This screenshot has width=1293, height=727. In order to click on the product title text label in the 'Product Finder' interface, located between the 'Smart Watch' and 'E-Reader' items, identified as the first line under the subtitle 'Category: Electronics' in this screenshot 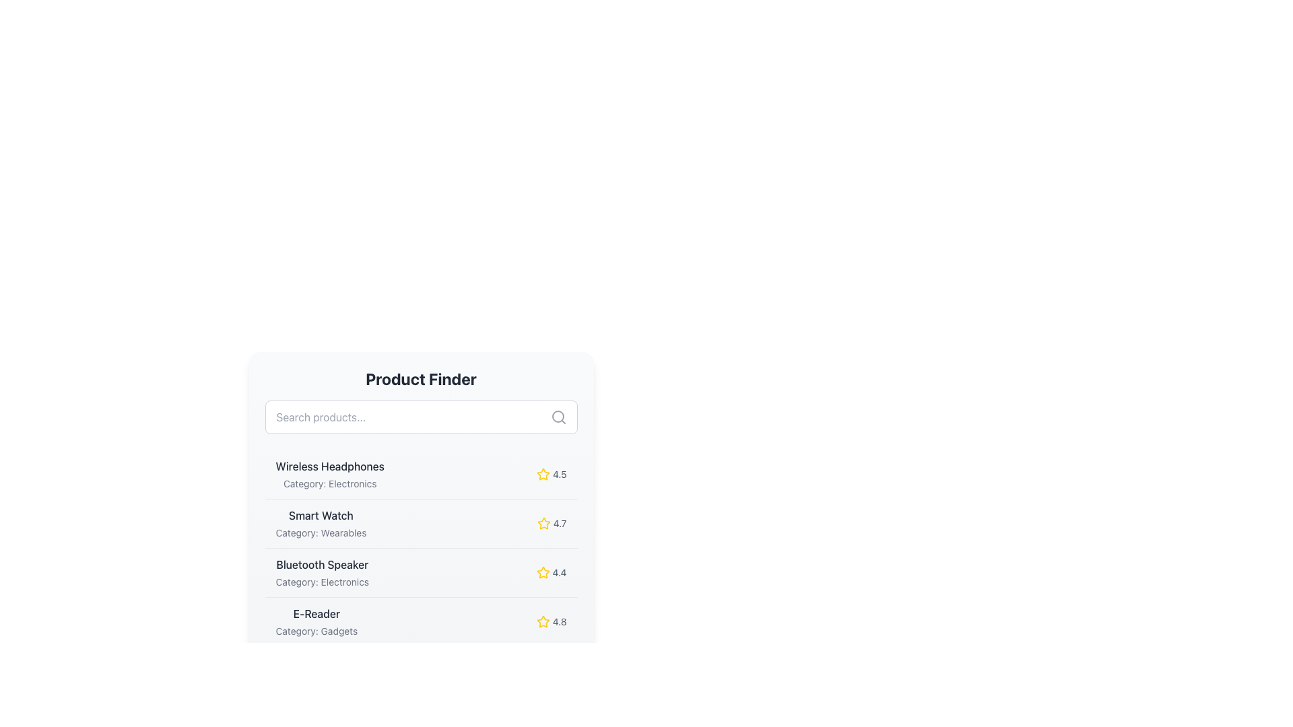, I will do `click(321, 565)`.